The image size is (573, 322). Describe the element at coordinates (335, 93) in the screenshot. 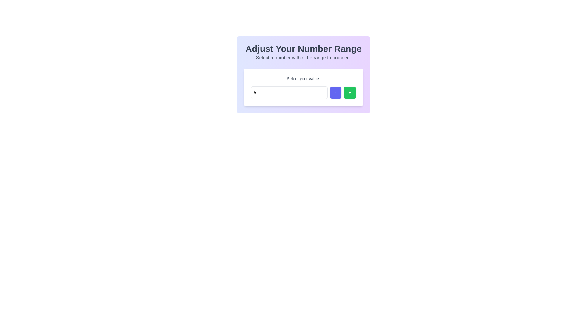

I see `the middle button ('-') in the flexbox to decrease the value displayed in the input field to its left` at that location.